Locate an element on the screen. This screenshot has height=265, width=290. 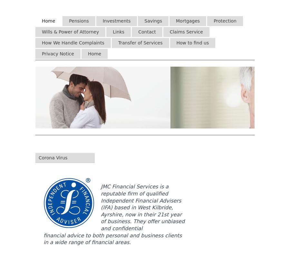
'How We Handle Complaints' is located at coordinates (72, 43).